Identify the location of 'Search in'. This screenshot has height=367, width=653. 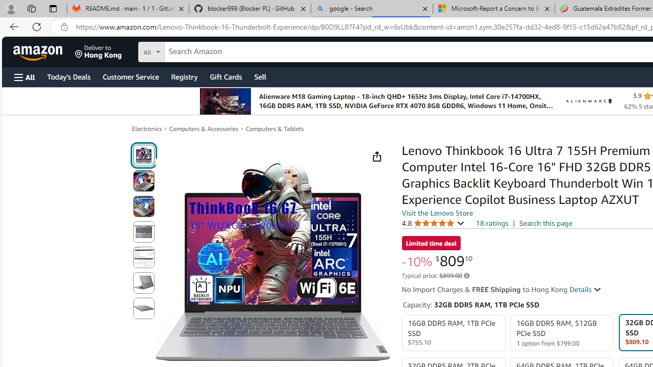
(189, 50).